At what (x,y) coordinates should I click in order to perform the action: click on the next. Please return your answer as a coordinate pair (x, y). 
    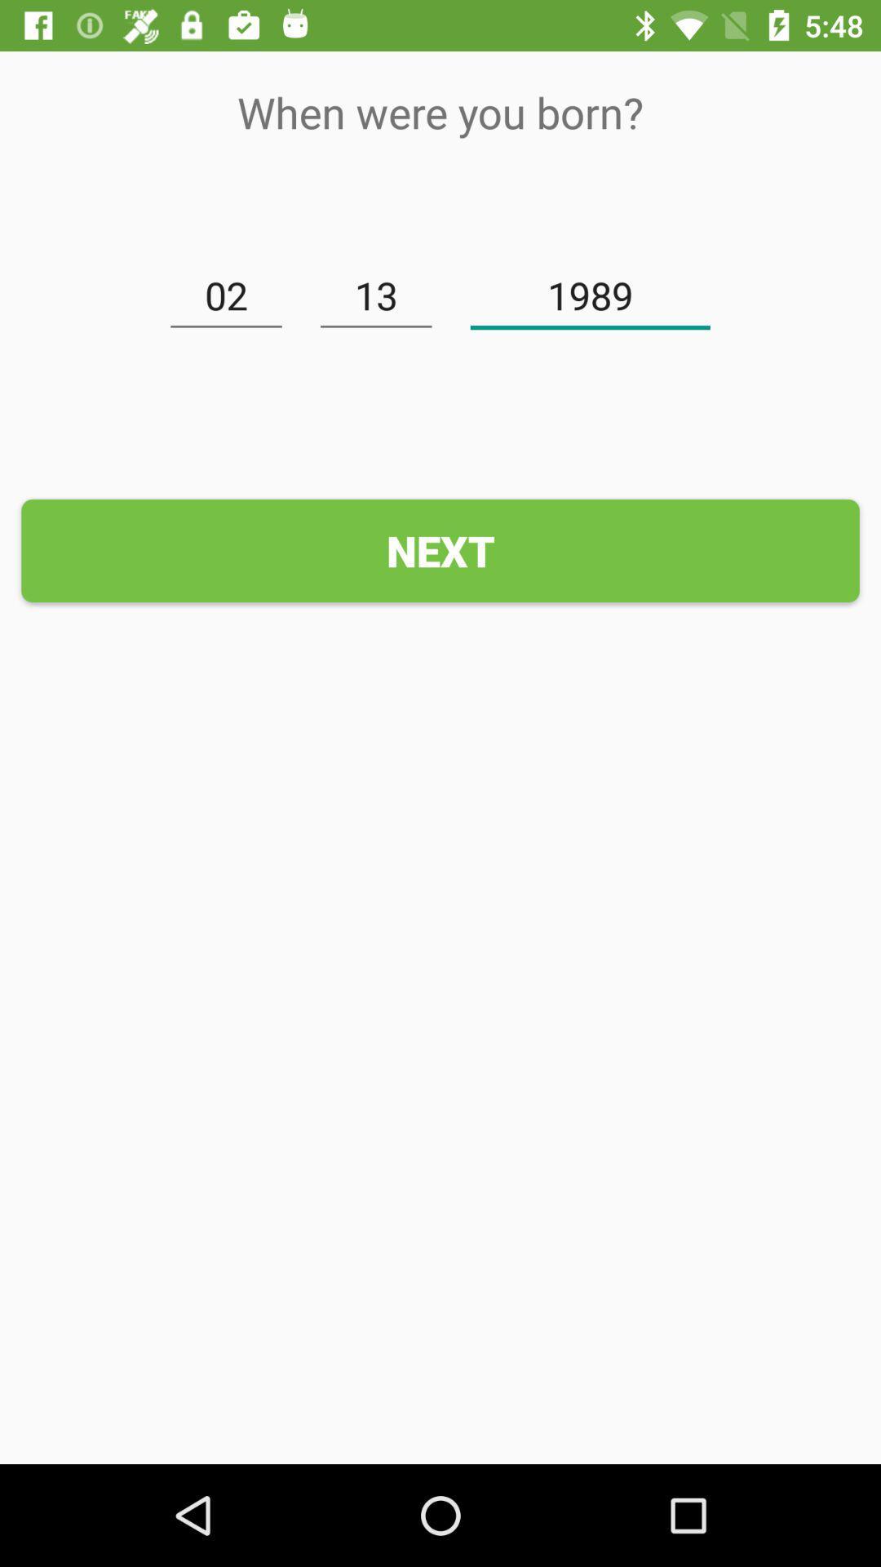
    Looking at the image, I should click on (440, 551).